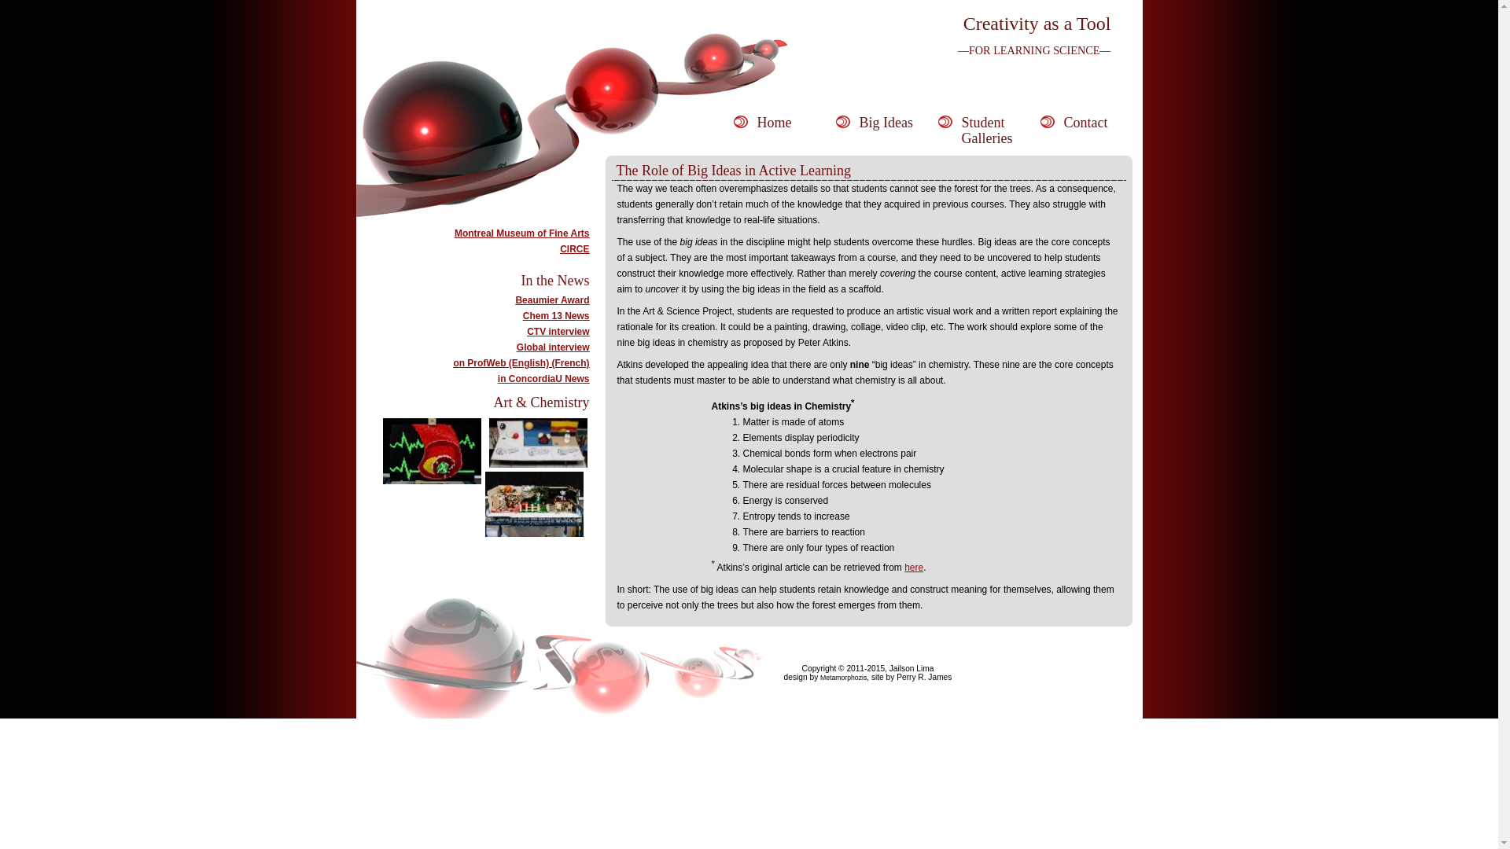 The width and height of the screenshot is (1510, 849). Describe the element at coordinates (569, 363) in the screenshot. I see `'(French)'` at that location.